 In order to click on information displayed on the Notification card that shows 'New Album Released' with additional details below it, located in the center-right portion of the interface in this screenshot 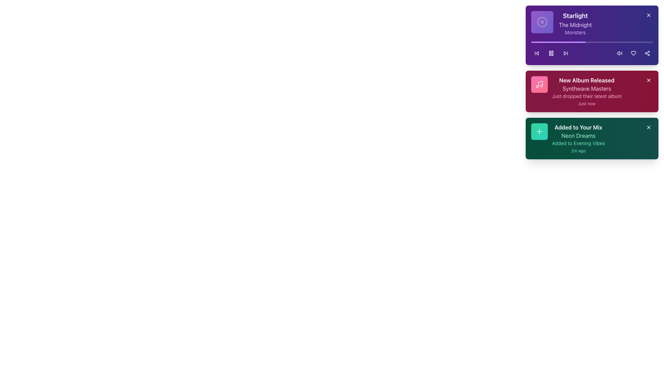, I will do `click(586, 91)`.